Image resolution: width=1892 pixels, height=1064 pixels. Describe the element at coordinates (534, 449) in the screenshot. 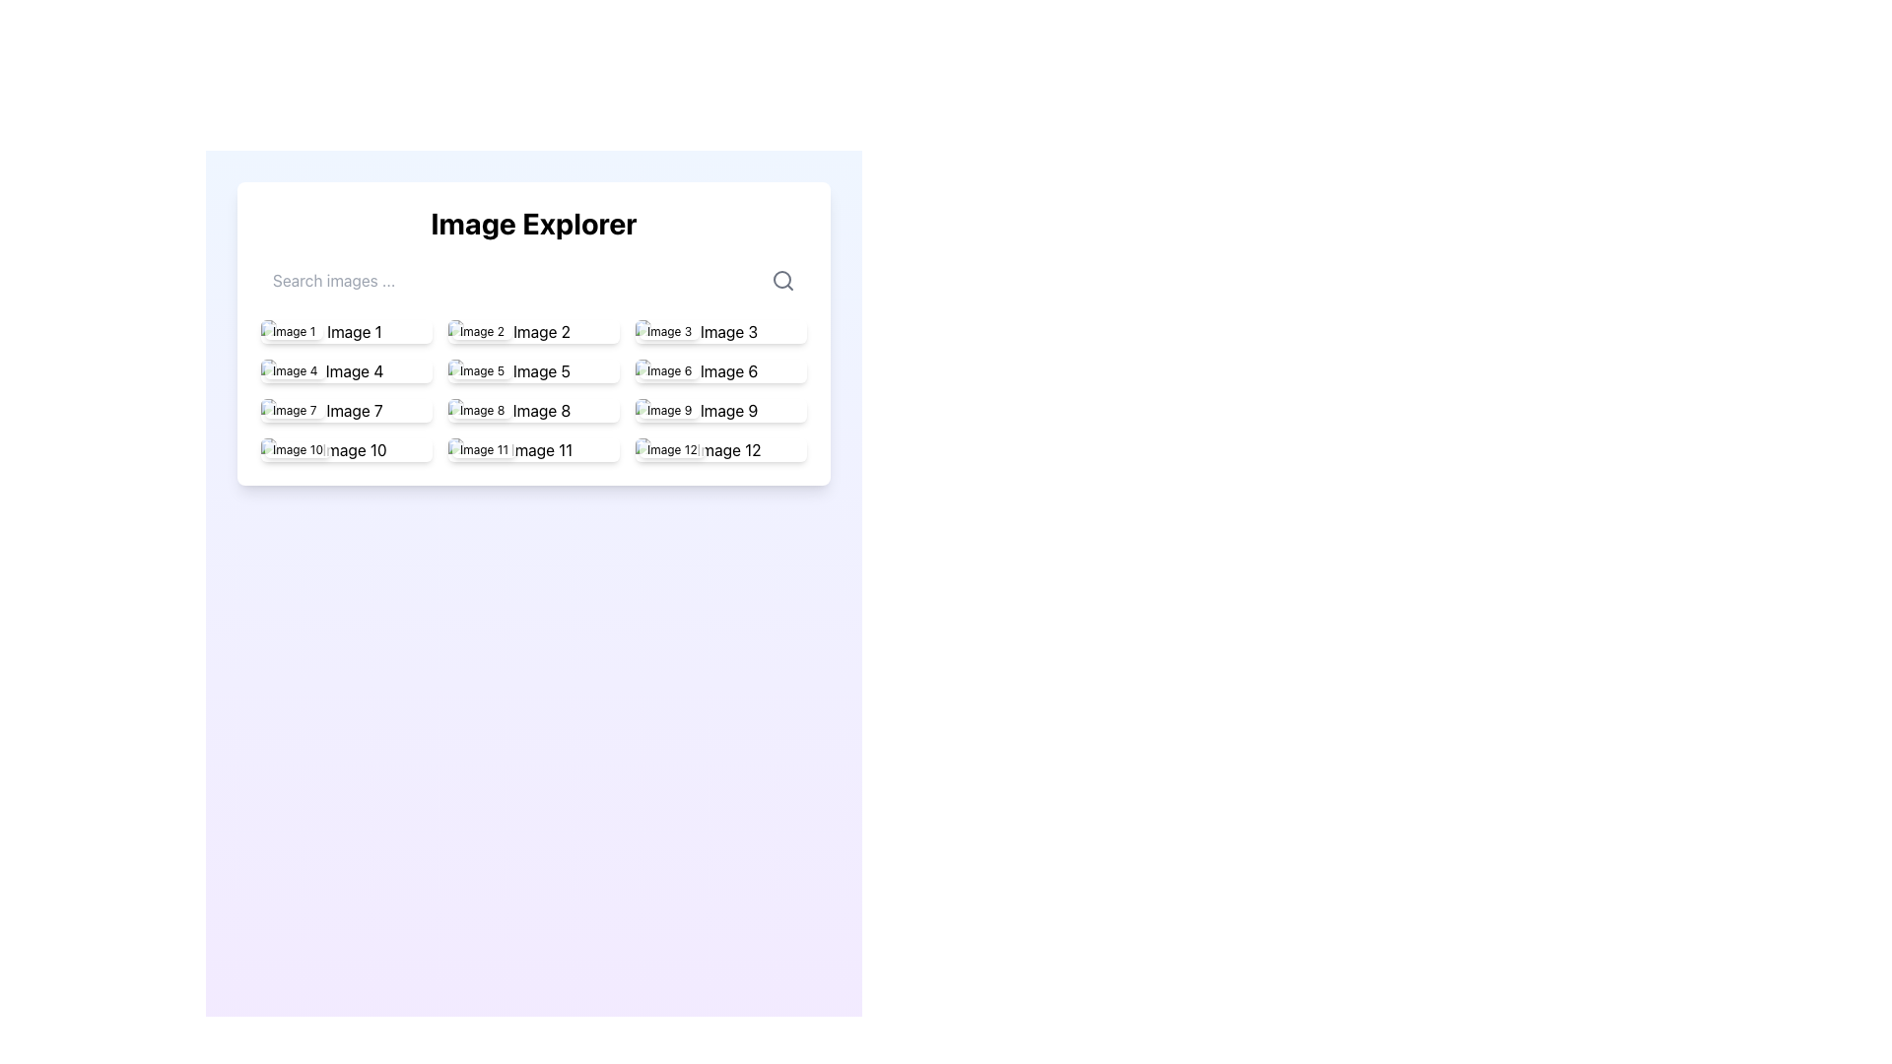

I see `the Image Thumbnail with Label displaying 'Image 11'` at that location.